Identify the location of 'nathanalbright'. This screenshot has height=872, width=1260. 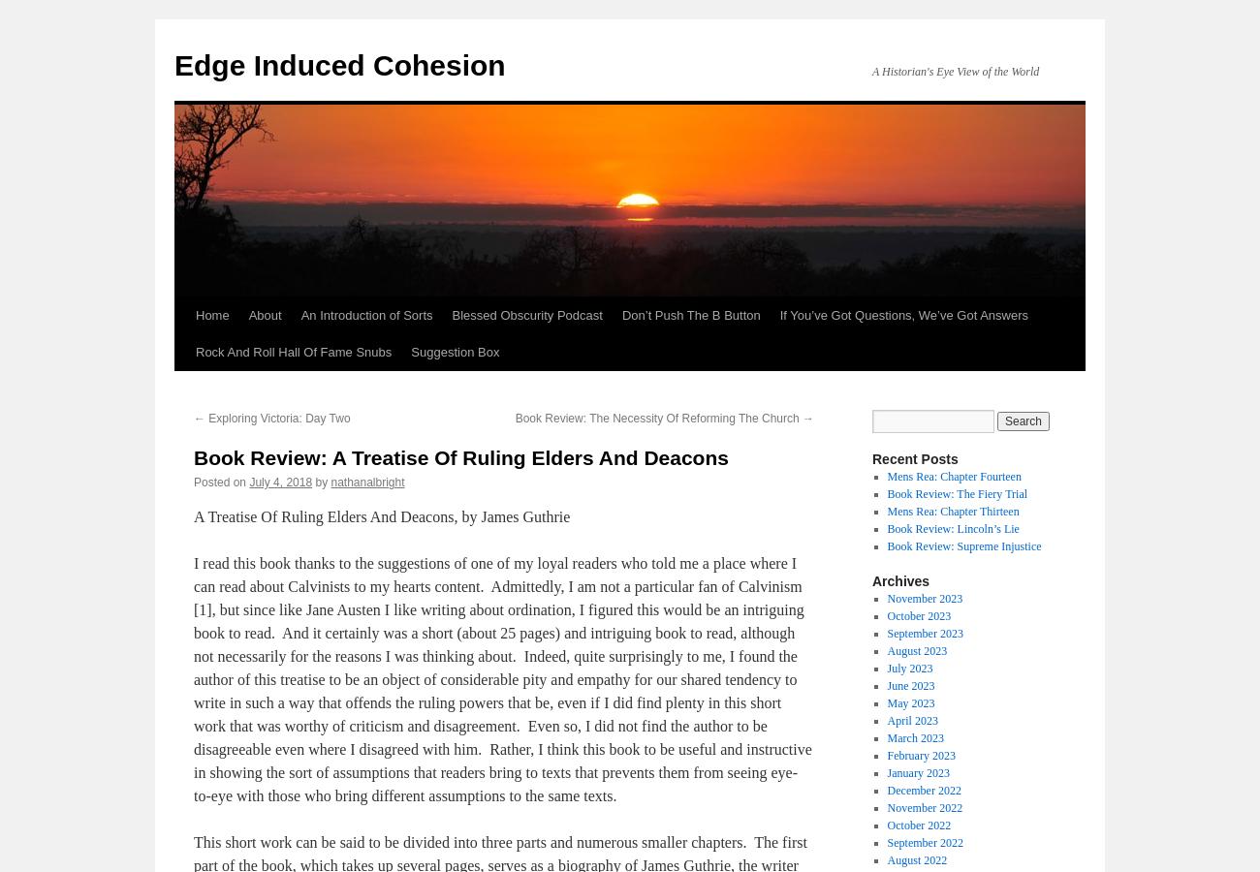
(329, 481).